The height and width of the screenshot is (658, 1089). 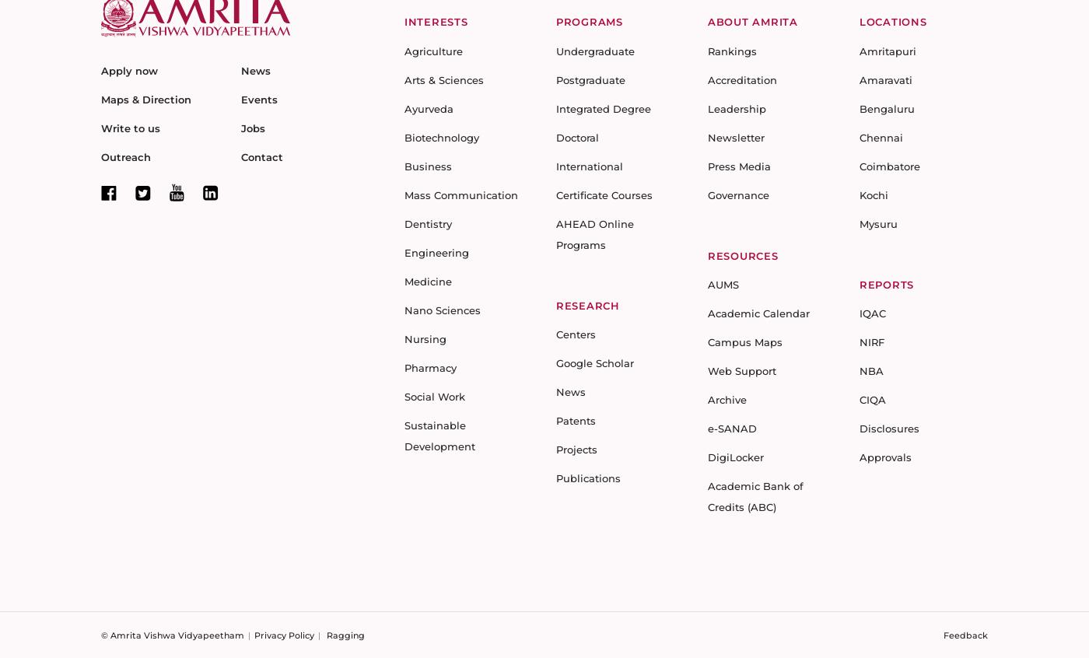 What do you see at coordinates (723, 283) in the screenshot?
I see `'AUMS'` at bounding box center [723, 283].